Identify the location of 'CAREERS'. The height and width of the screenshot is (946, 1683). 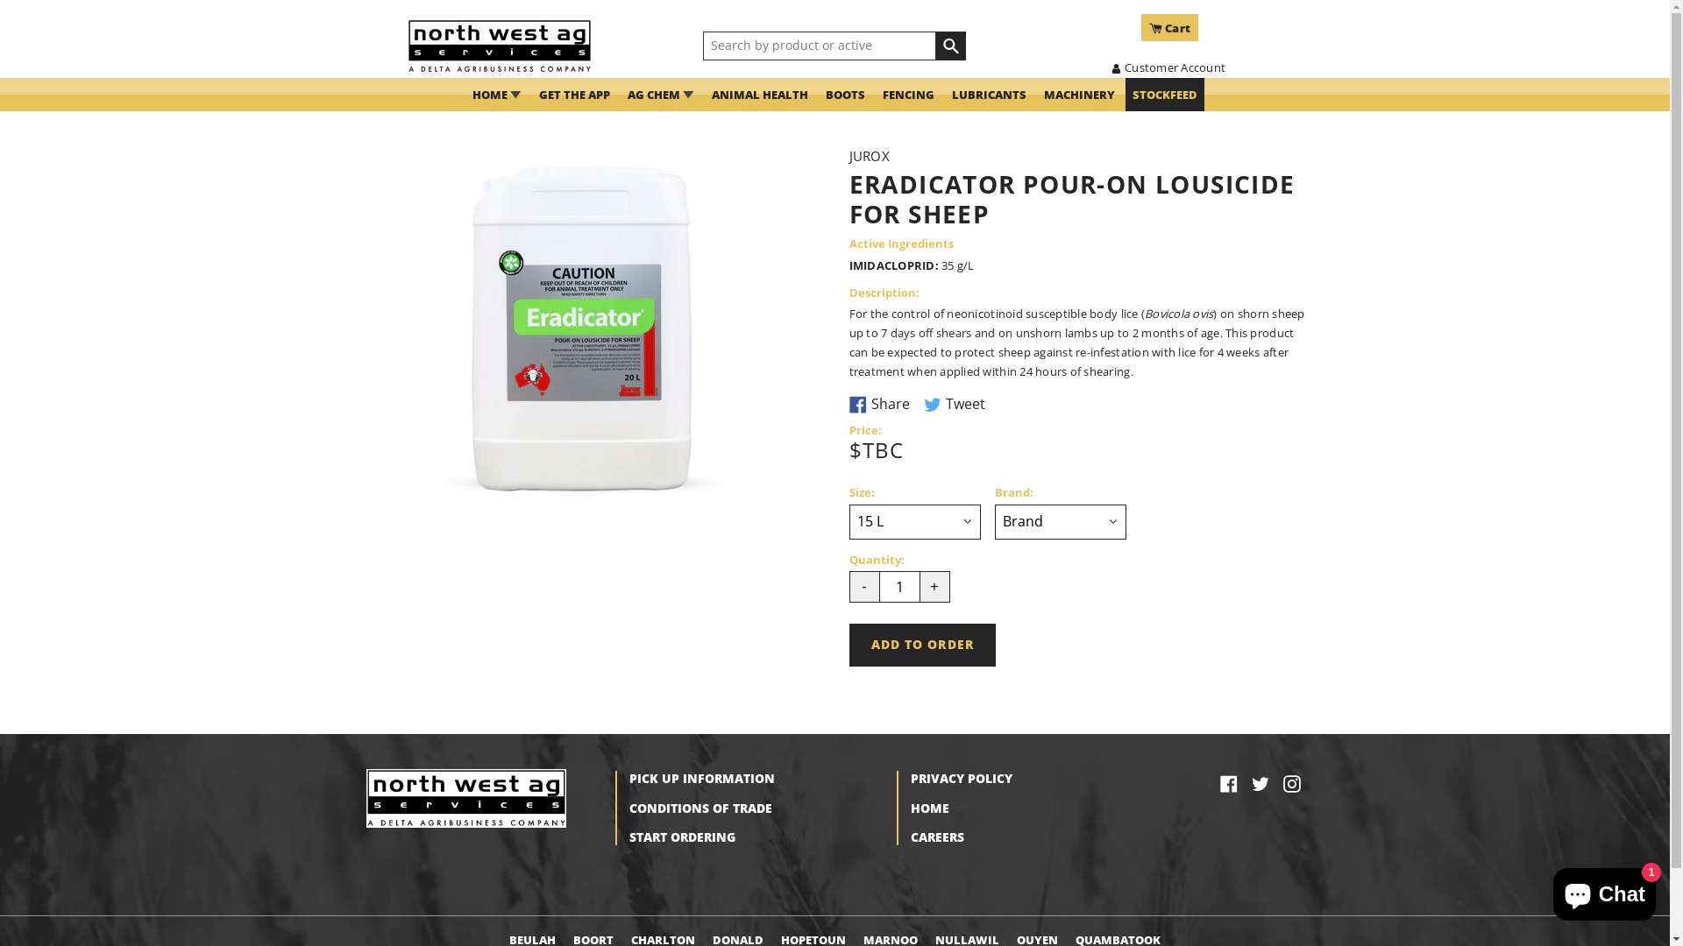
(935, 836).